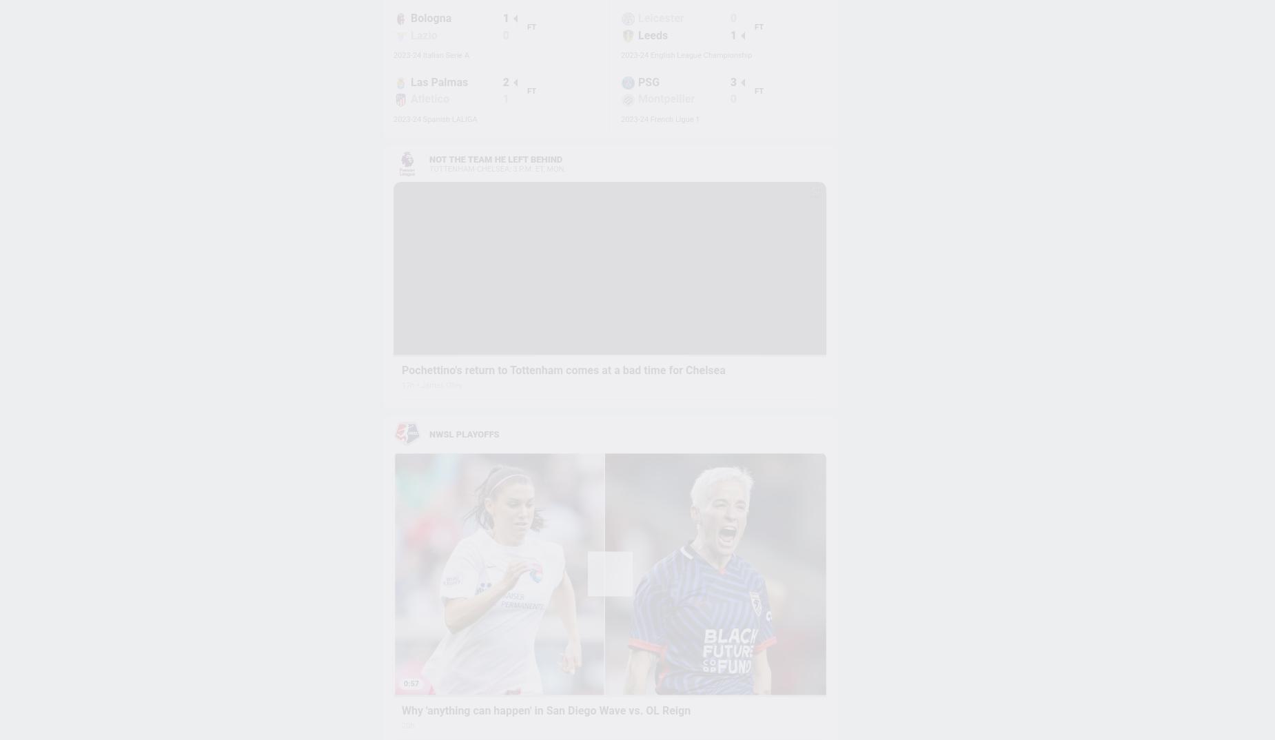 The image size is (1275, 740). Describe the element at coordinates (563, 370) in the screenshot. I see `'Pochettino's return to Tottenham comes at a bad time for Chelsea'` at that location.